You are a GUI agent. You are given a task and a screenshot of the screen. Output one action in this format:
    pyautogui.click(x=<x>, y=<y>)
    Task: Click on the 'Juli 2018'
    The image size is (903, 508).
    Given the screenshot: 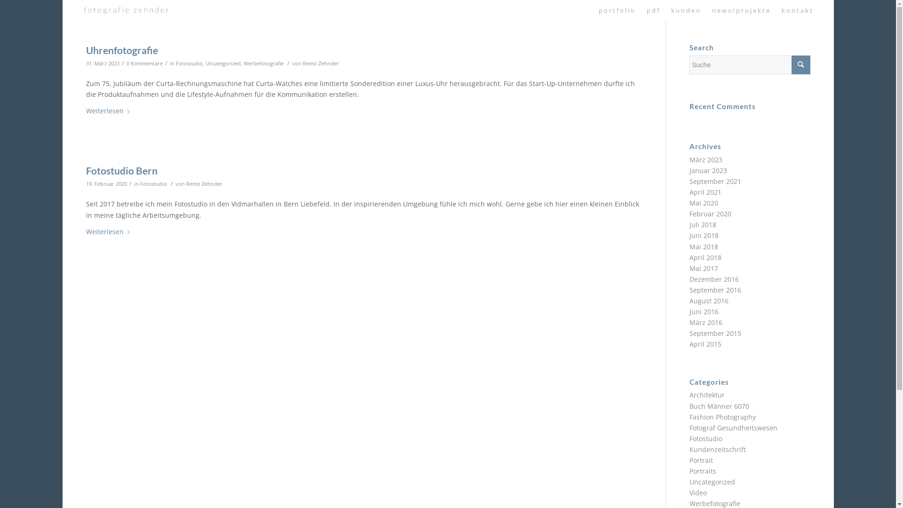 What is the action you would take?
    pyautogui.click(x=703, y=224)
    